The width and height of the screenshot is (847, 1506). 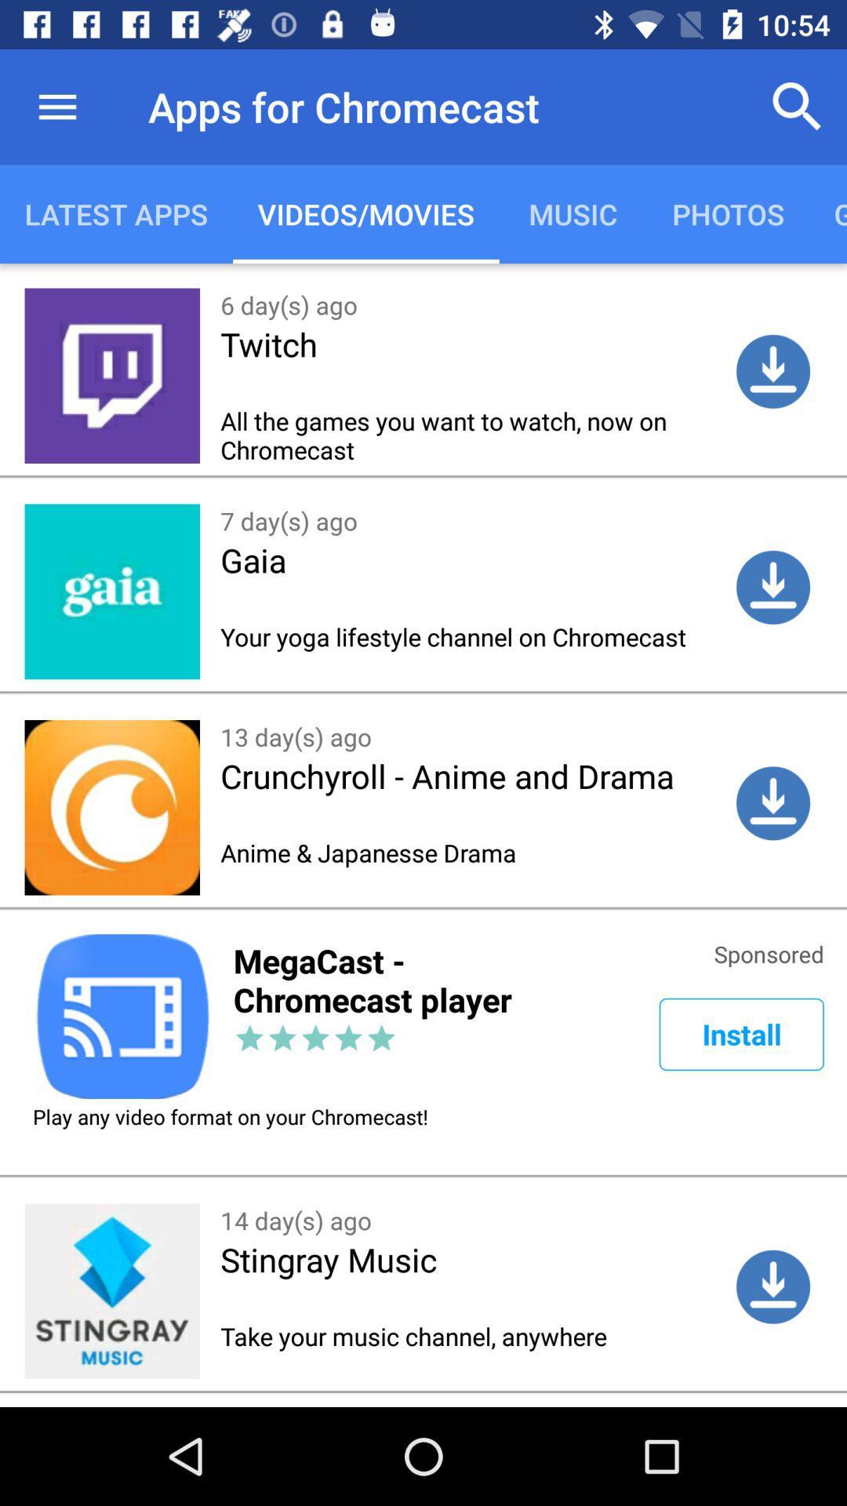 I want to click on the button above sponsored, so click(x=772, y=802).